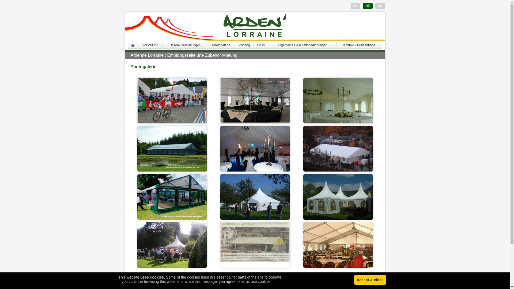 The height and width of the screenshot is (289, 514). Describe the element at coordinates (185, 45) in the screenshot. I see `'Unsere Herstellungen'` at that location.